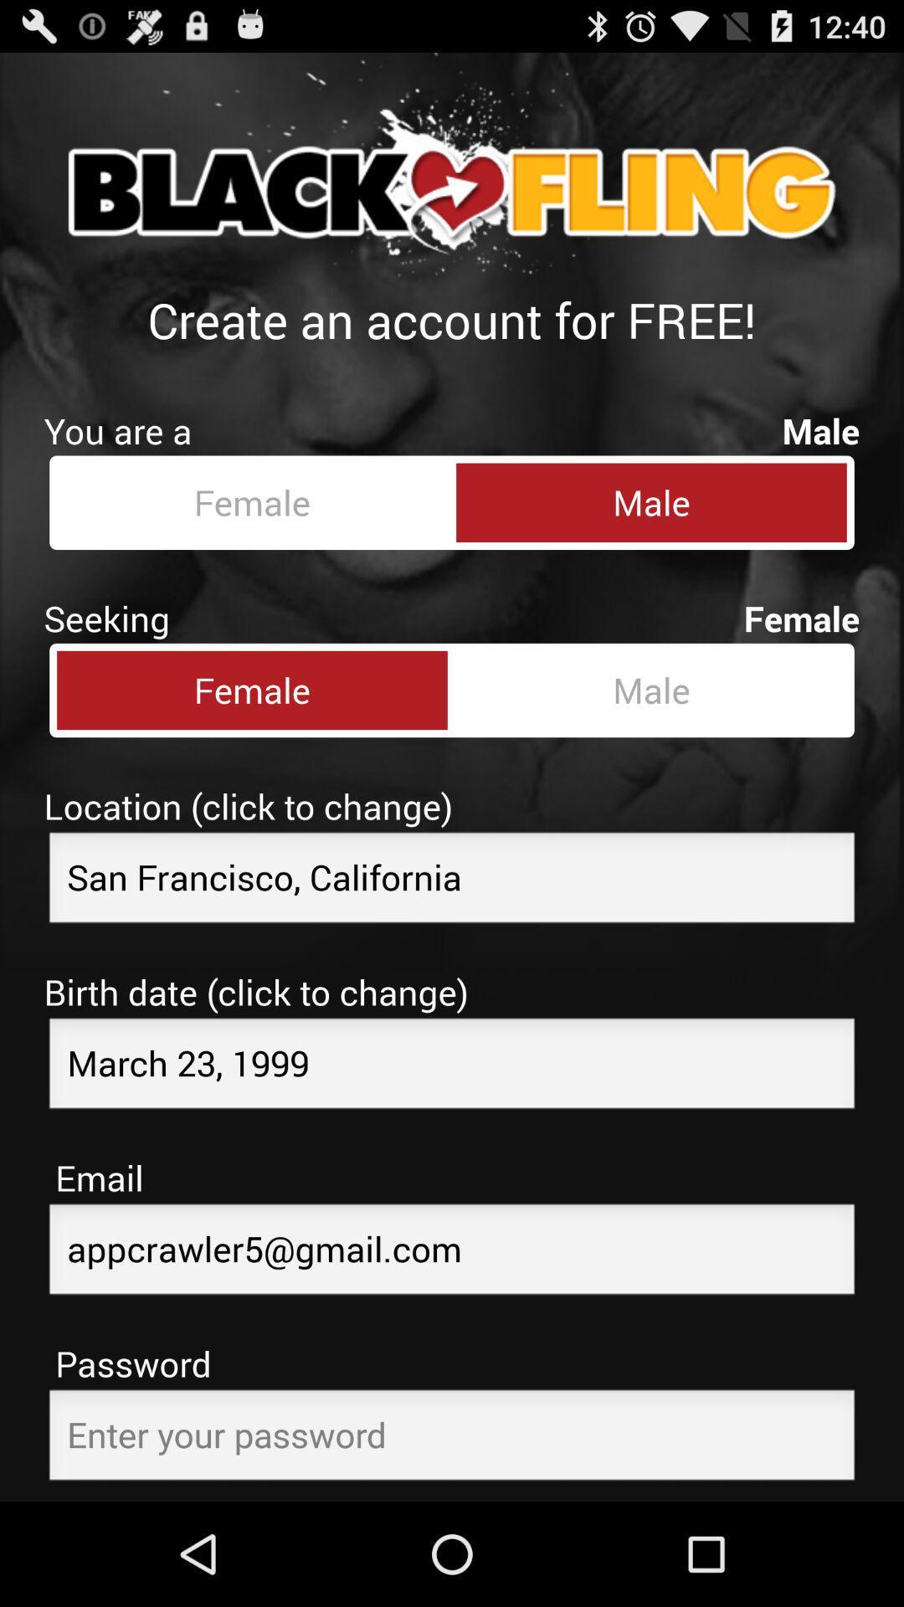 This screenshot has height=1607, width=904. I want to click on password entry, so click(452, 1439).